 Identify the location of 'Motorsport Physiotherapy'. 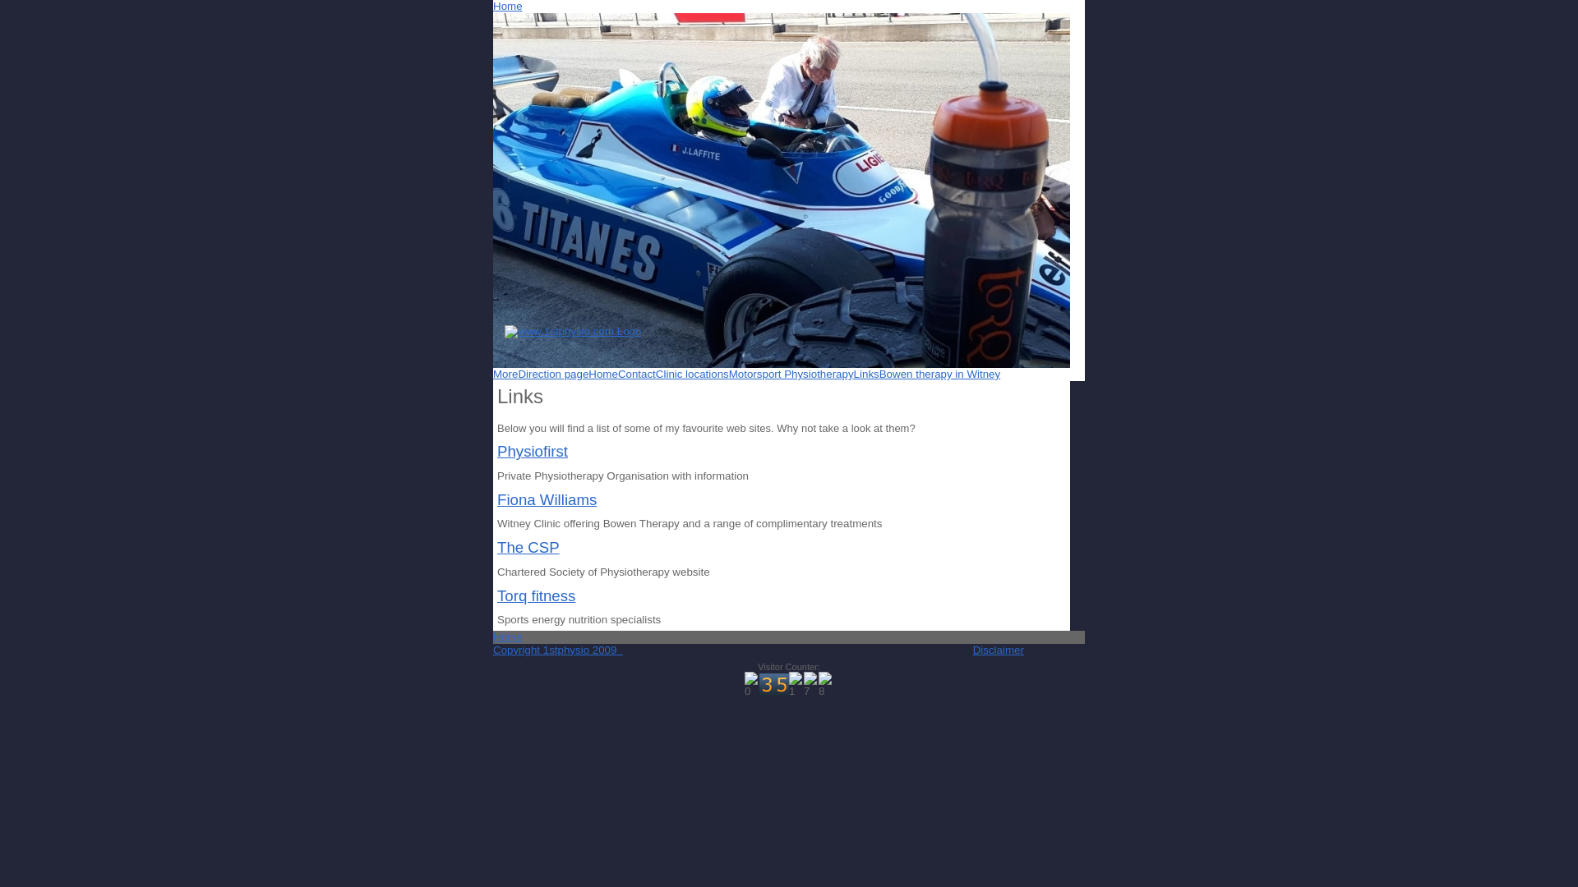
(791, 374).